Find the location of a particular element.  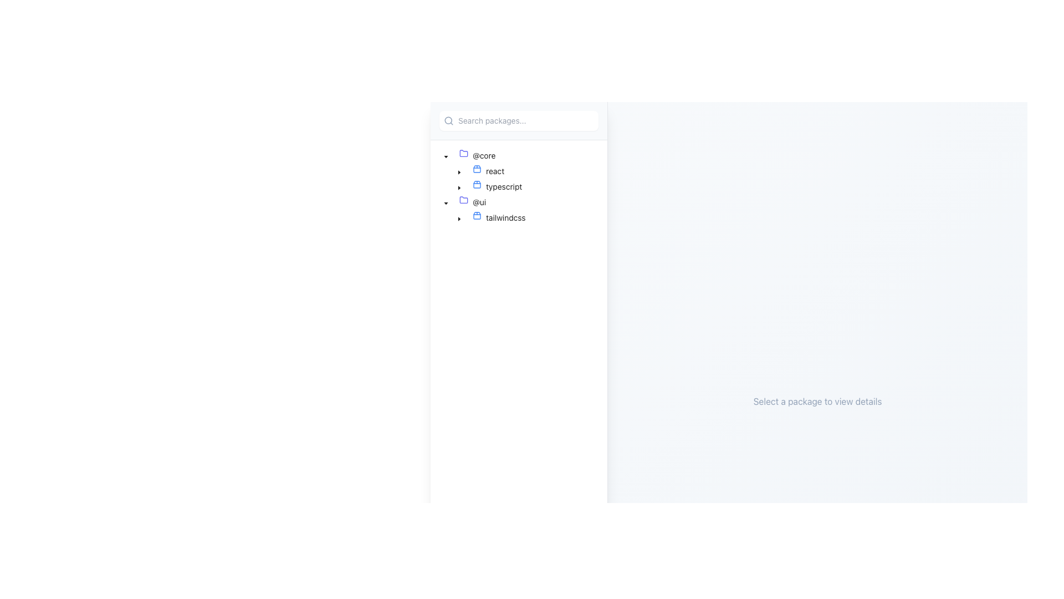

the caret-down icon located to the left of the text '@core' in the tree node section is located at coordinates (446, 156).